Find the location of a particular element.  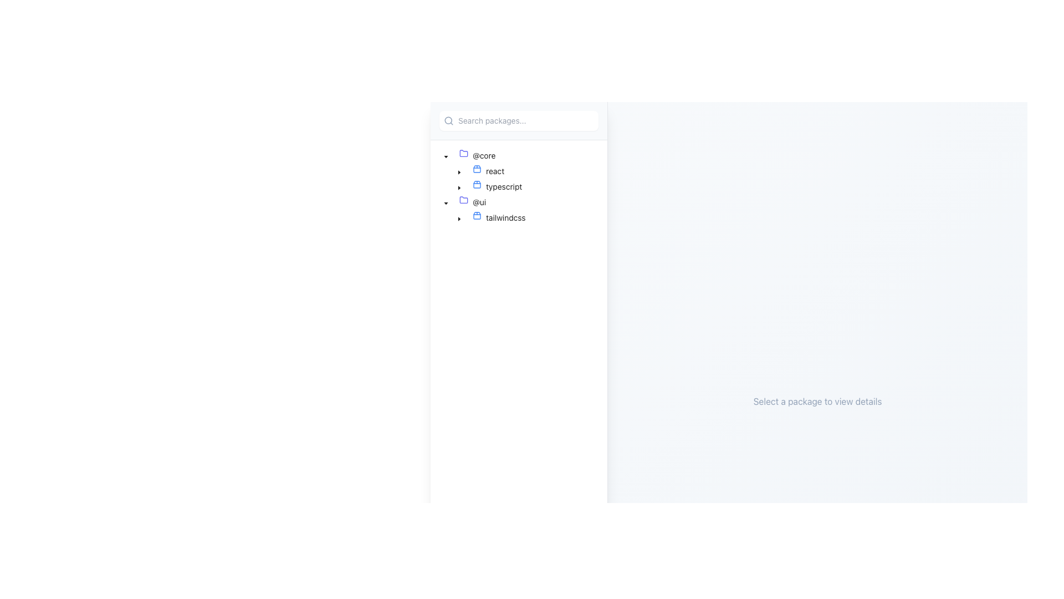

the caret-down icon located to the left of the text '@core' in the tree node section is located at coordinates (446, 156).